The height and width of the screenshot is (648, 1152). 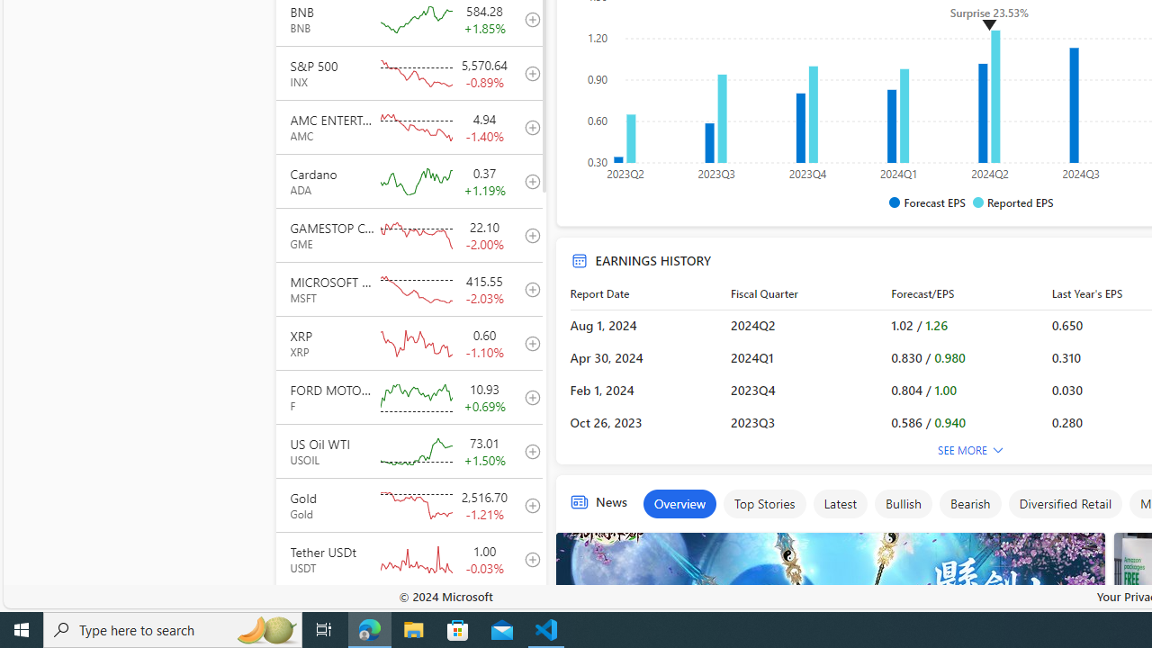 I want to click on 'Bullish', so click(x=903, y=504).